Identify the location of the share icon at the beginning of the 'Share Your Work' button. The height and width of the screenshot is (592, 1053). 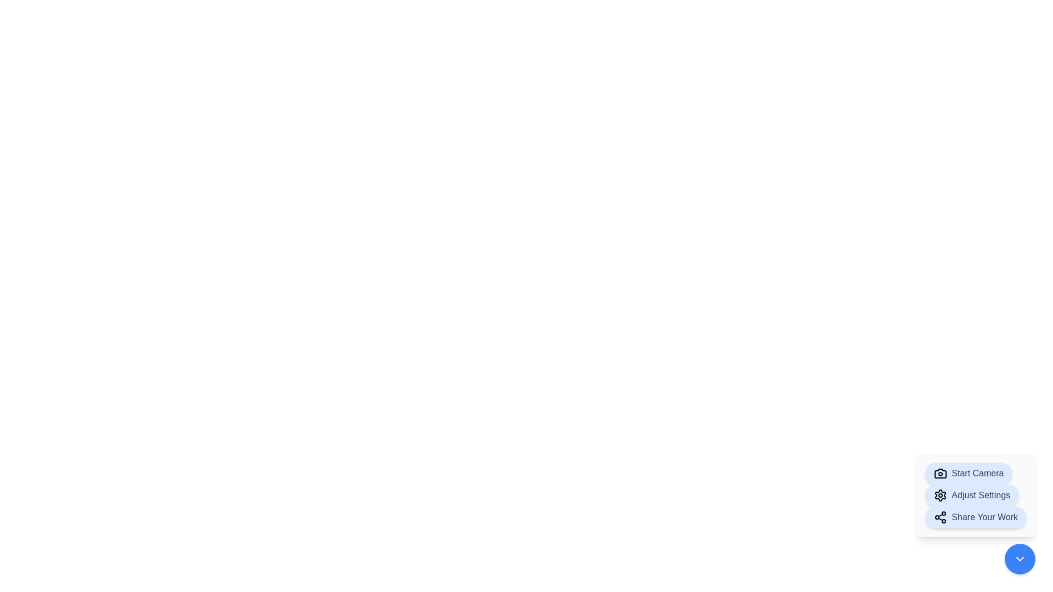
(940, 517).